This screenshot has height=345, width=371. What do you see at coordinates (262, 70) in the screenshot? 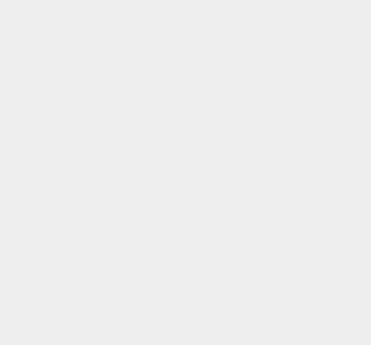
I see `'Android 6'` at bounding box center [262, 70].